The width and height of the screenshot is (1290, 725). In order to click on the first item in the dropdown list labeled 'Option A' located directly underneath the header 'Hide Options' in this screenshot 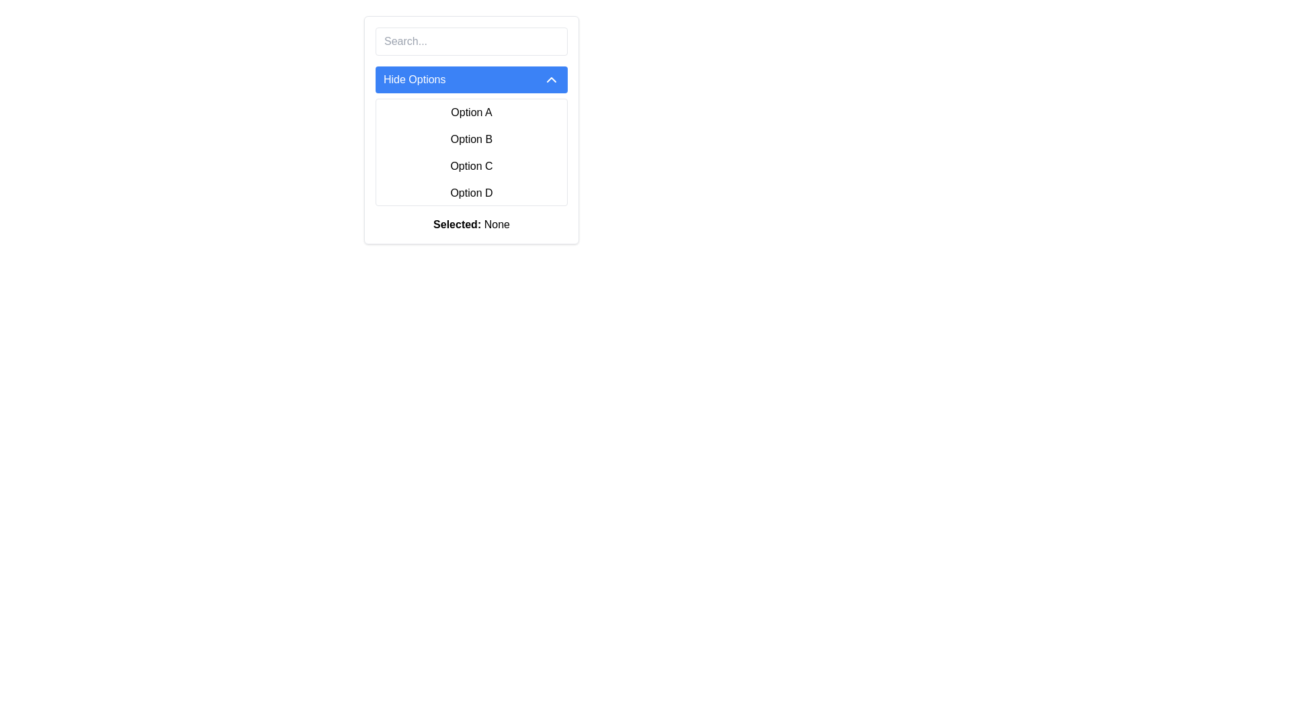, I will do `click(471, 112)`.